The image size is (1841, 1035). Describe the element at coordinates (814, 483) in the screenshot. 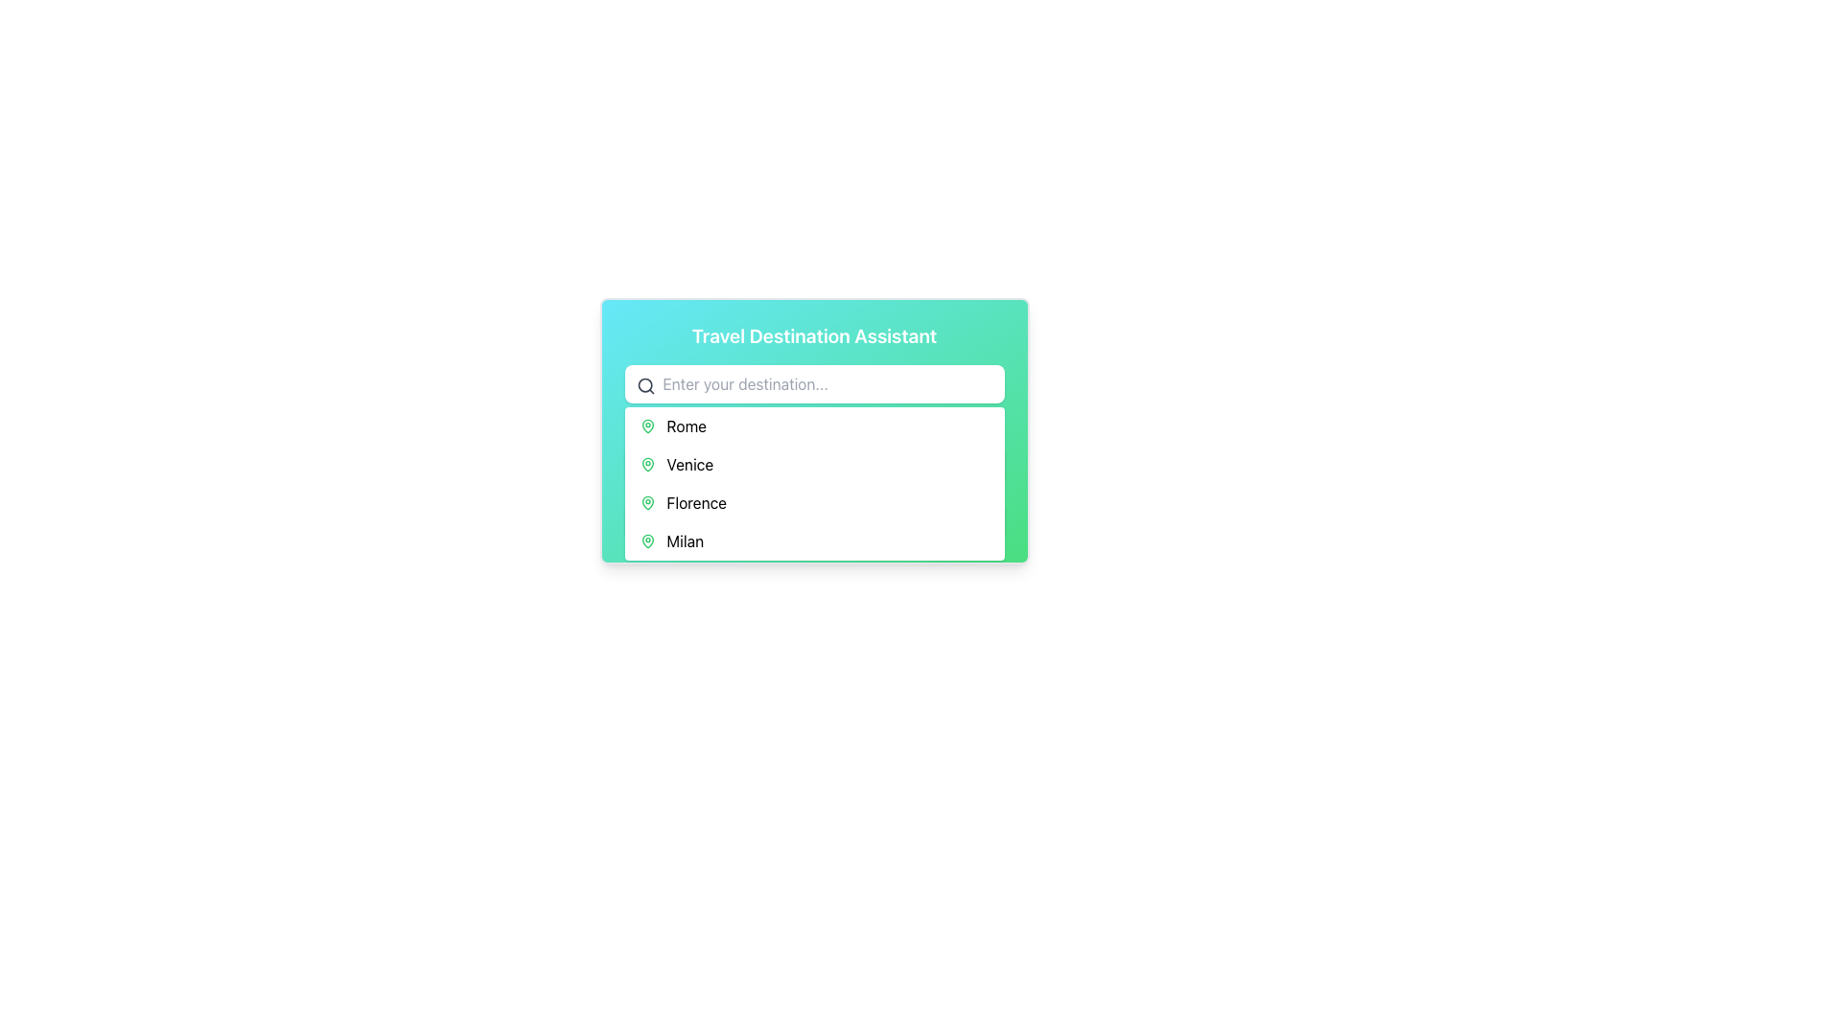

I see `the dropdown menu located directly below the 'Enter your destination...' input field, which spans horizontally and contains four options` at that location.